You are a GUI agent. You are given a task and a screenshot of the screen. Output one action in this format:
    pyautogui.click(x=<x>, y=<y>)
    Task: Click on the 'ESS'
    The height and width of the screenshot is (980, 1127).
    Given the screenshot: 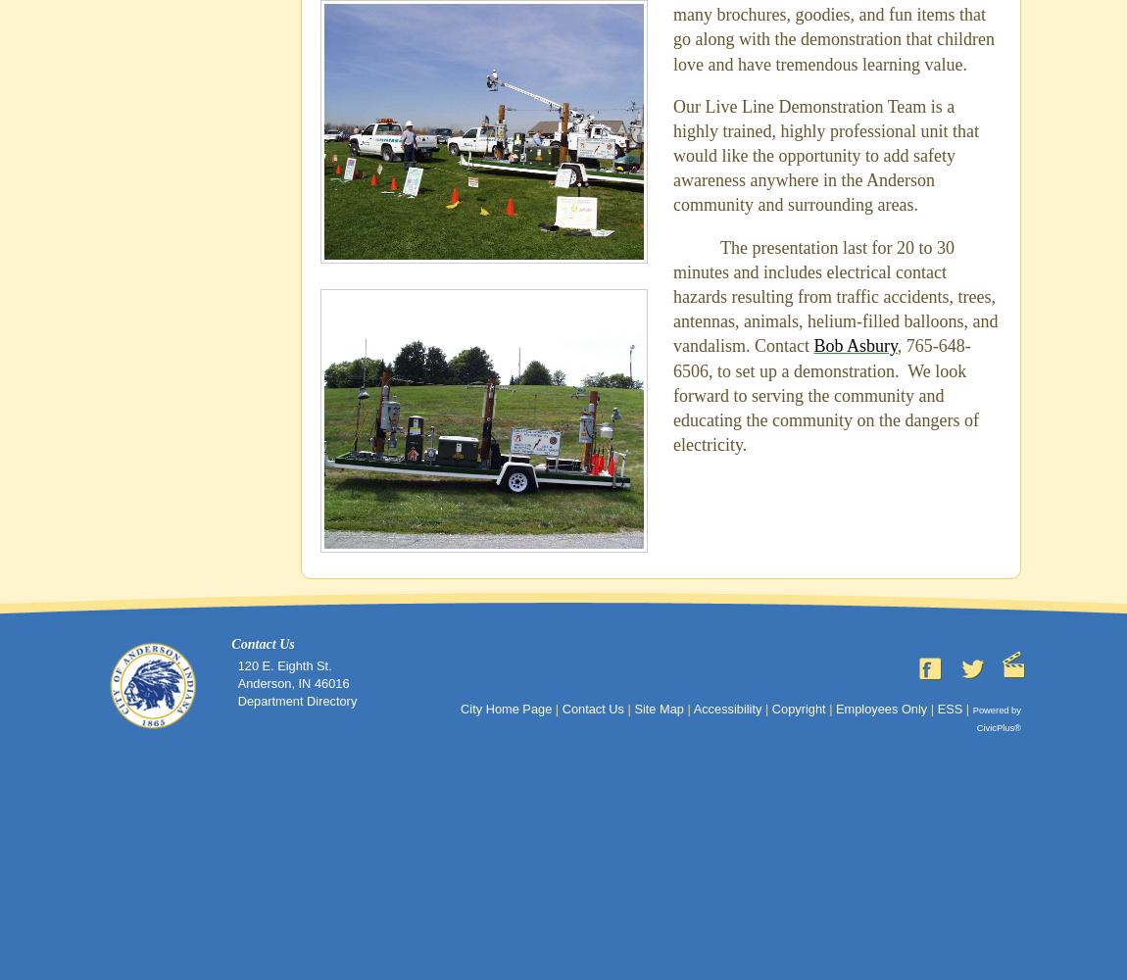 What is the action you would take?
    pyautogui.click(x=949, y=708)
    